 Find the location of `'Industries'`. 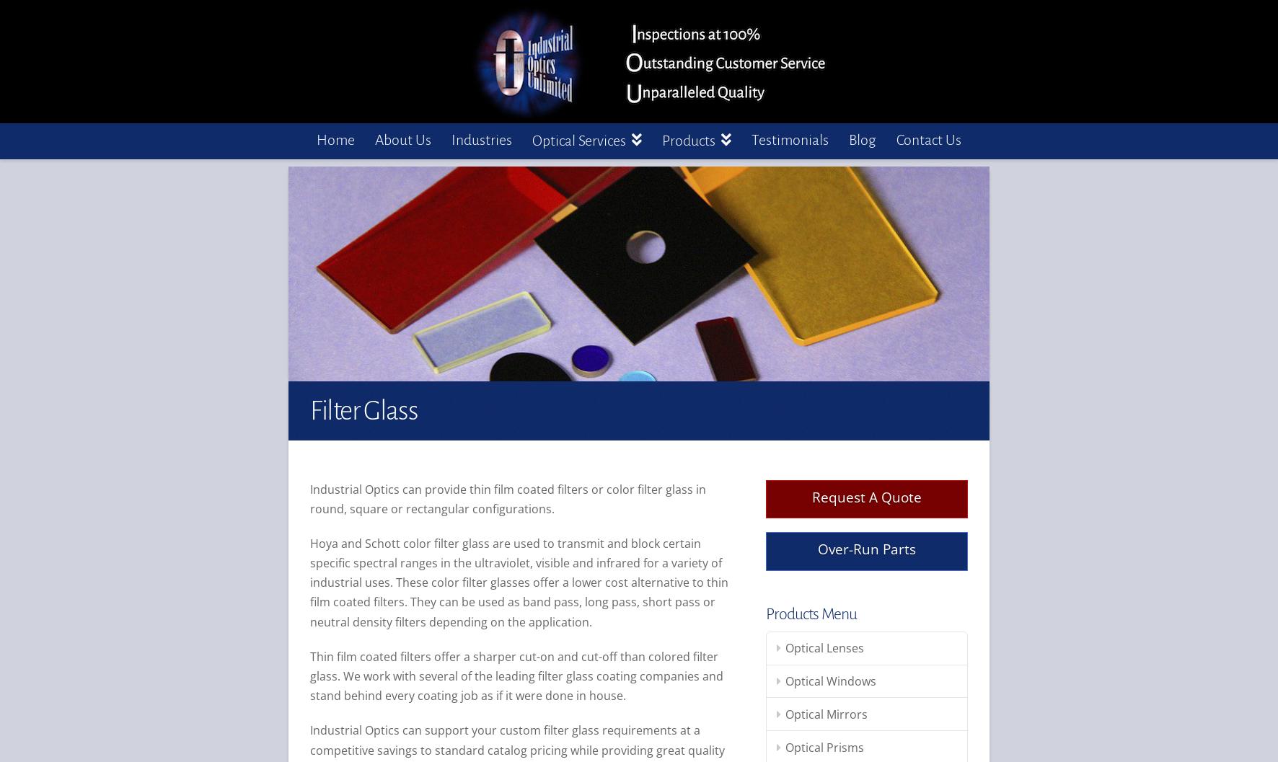

'Industries' is located at coordinates (481, 139).